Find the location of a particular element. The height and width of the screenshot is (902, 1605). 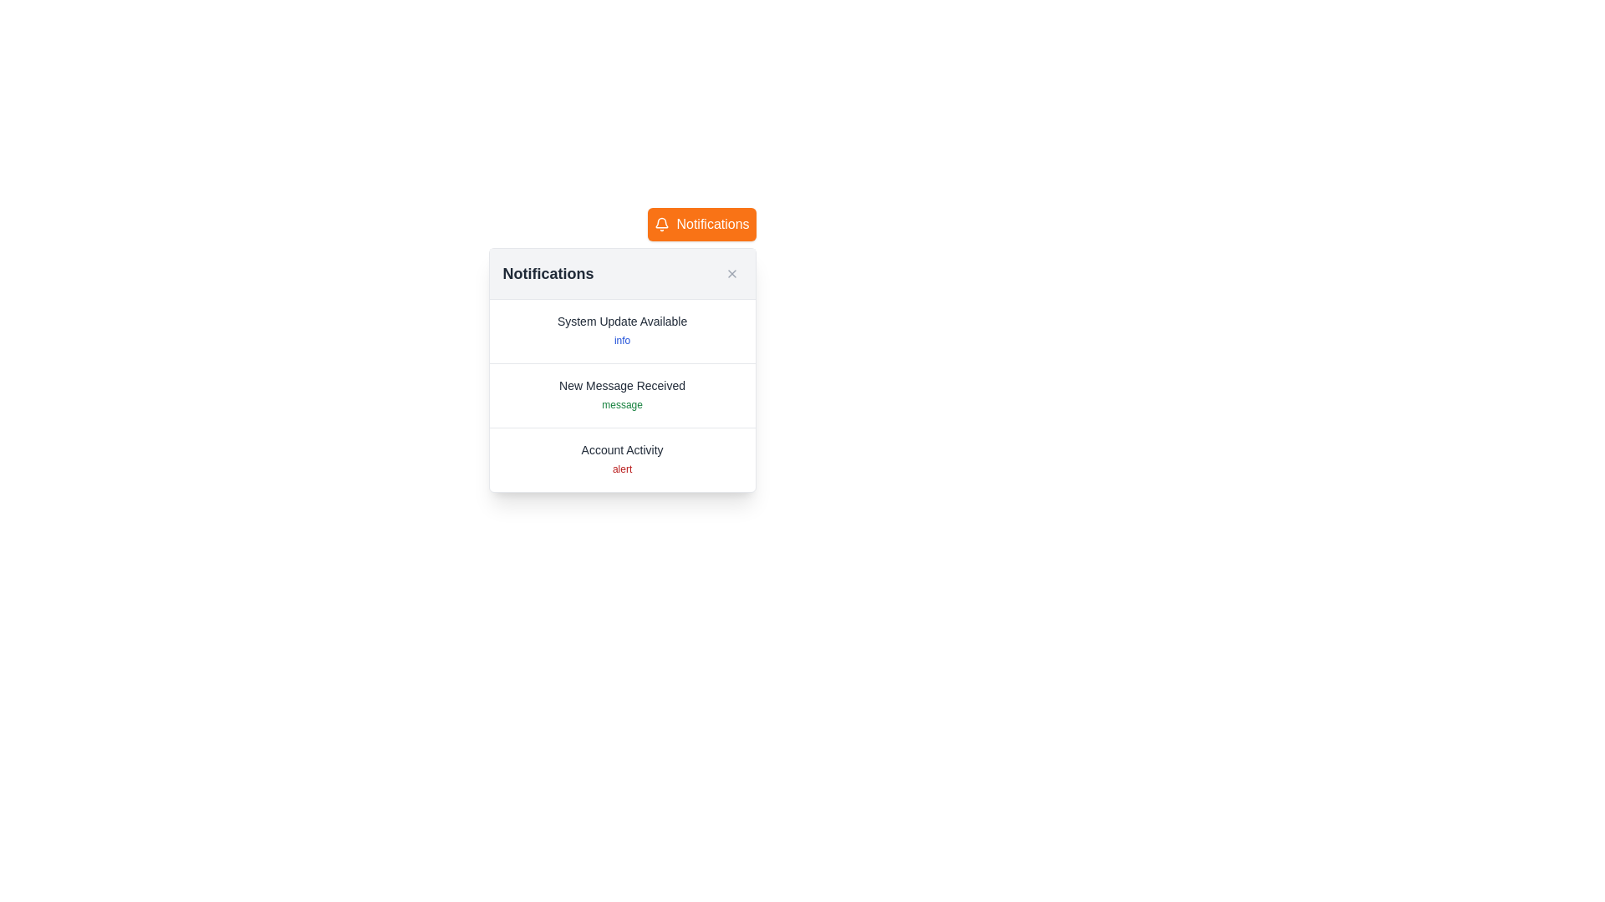

the warning or alert text label located beneath the 'Account Activity' section, which serves as a notification for the user is located at coordinates (621, 469).